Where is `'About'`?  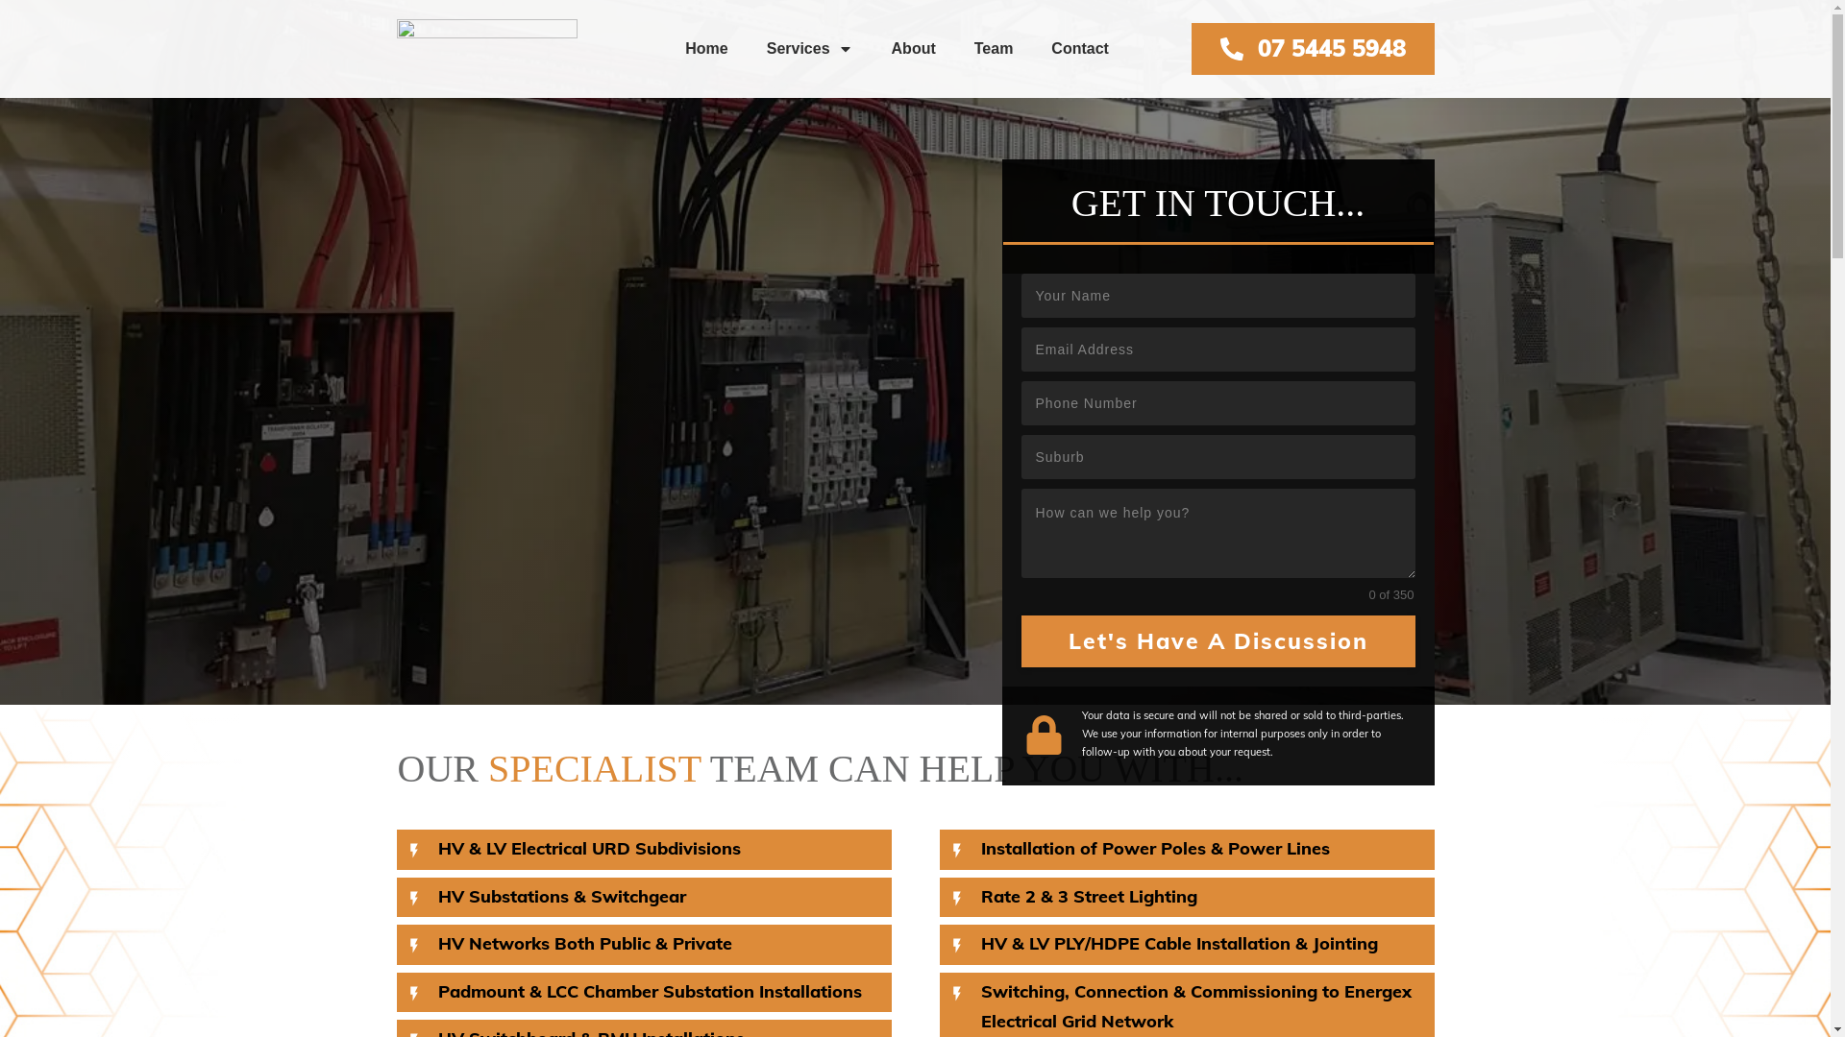
'About' is located at coordinates (912, 47).